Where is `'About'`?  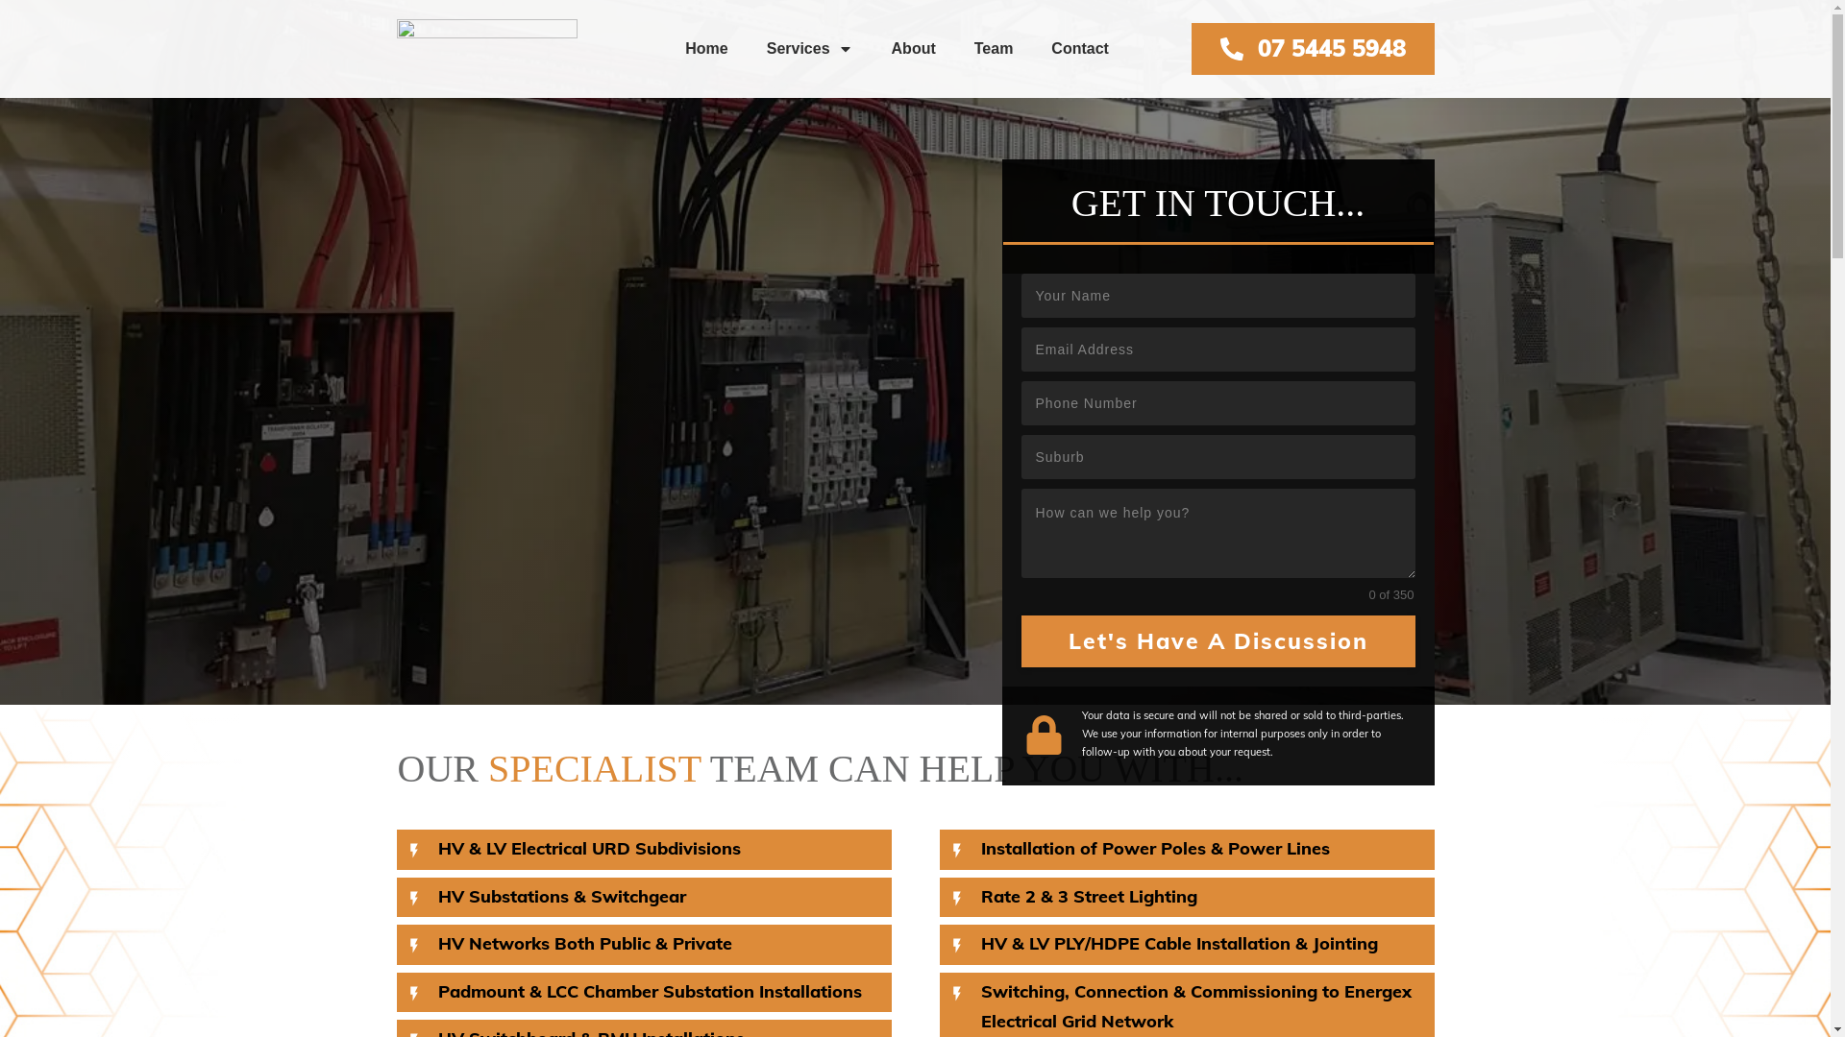
'About' is located at coordinates (912, 47).